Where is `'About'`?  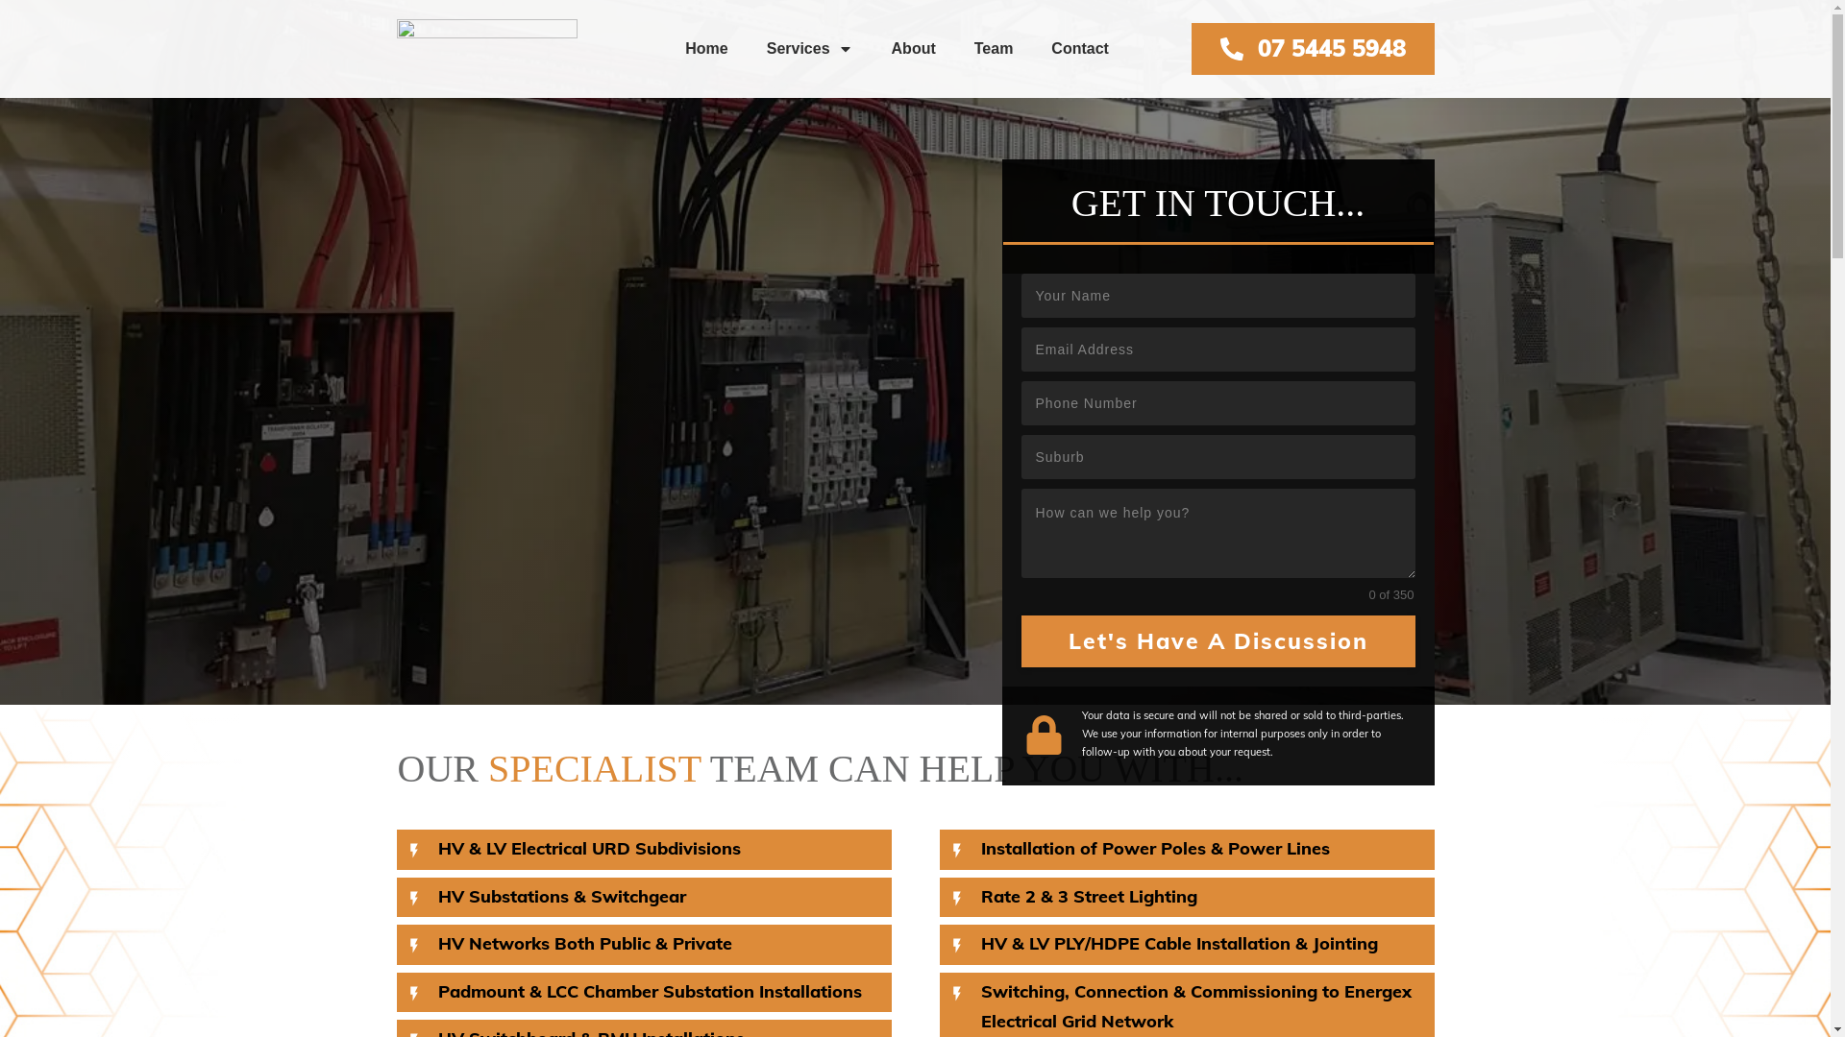
'About' is located at coordinates (912, 47).